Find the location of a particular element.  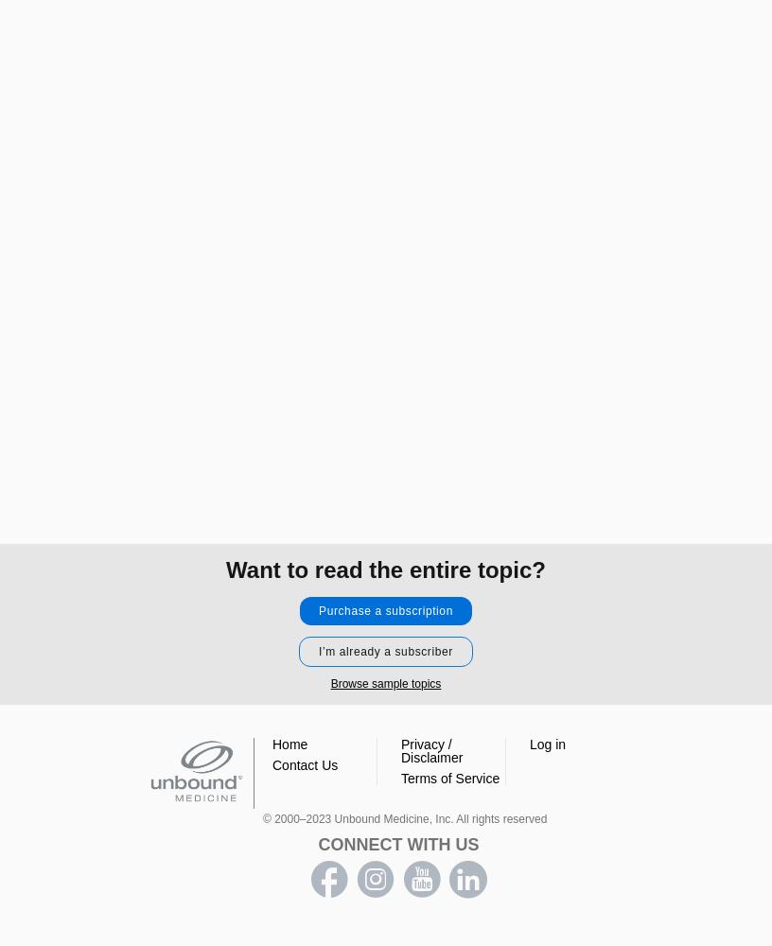

'CONNECT WITH US' is located at coordinates (396, 845).